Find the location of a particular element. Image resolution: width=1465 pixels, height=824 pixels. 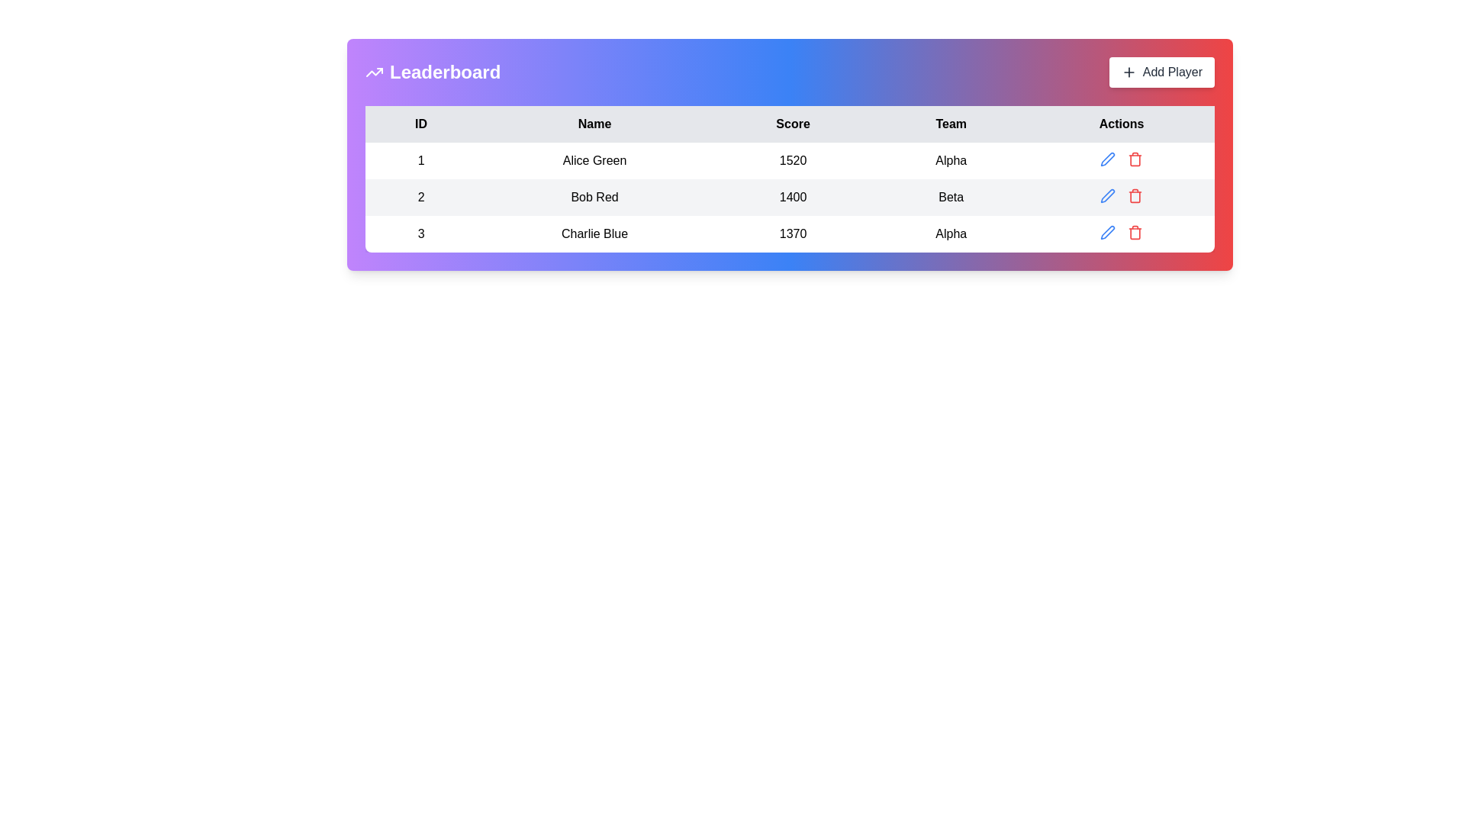

the 'Score' text label in the table header of the 'Leaderboard' section, which is visually styled with a gray background and bold black text, located between the 'Name' and 'Team' columns is located at coordinates (790, 123).